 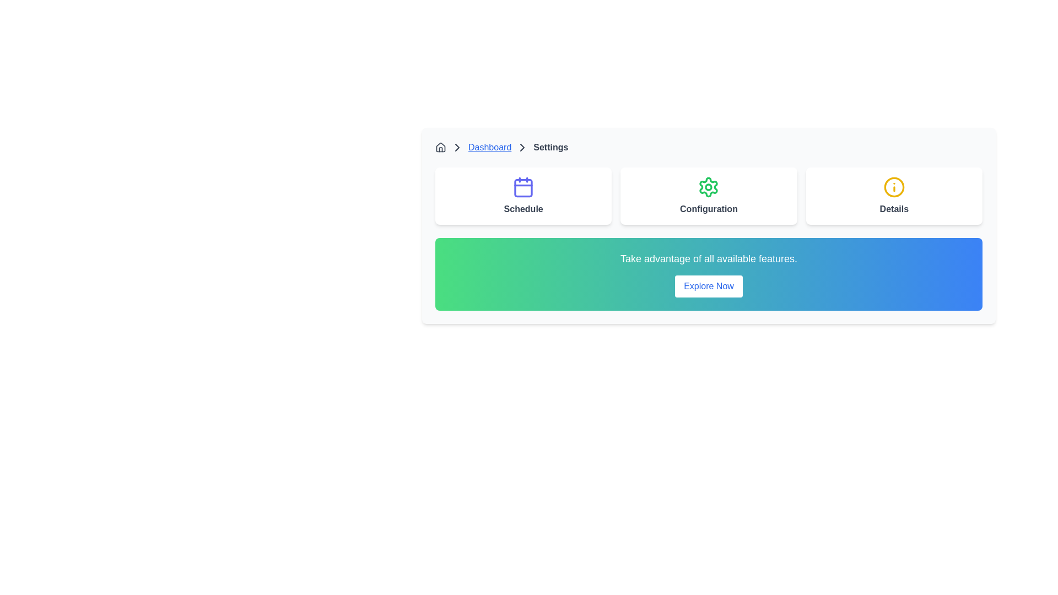 I want to click on the separator icon in the breadcrumb navigation between 'Dashboard' and 'Settings', so click(x=457, y=147).